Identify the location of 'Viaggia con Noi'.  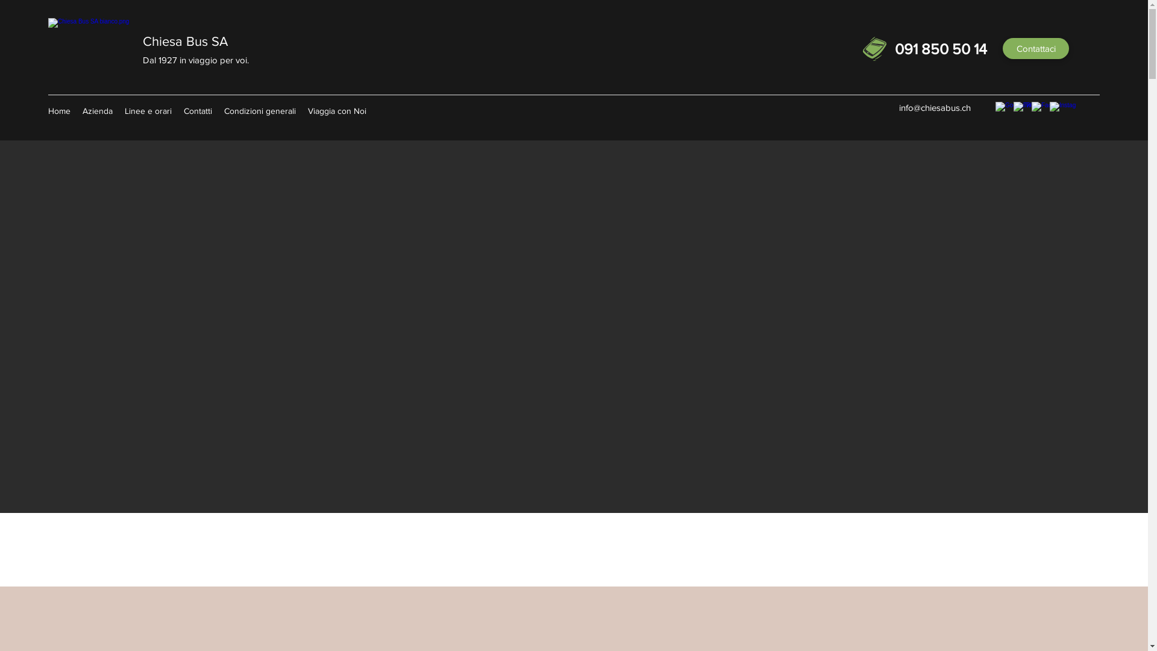
(337, 111).